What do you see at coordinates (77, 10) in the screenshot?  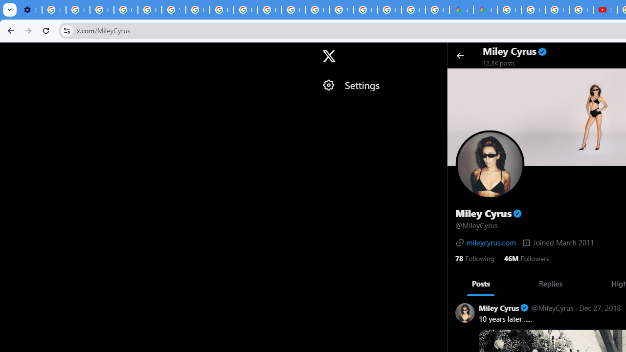 I see `'Learn how to find your photos - Google Photos Help'` at bounding box center [77, 10].